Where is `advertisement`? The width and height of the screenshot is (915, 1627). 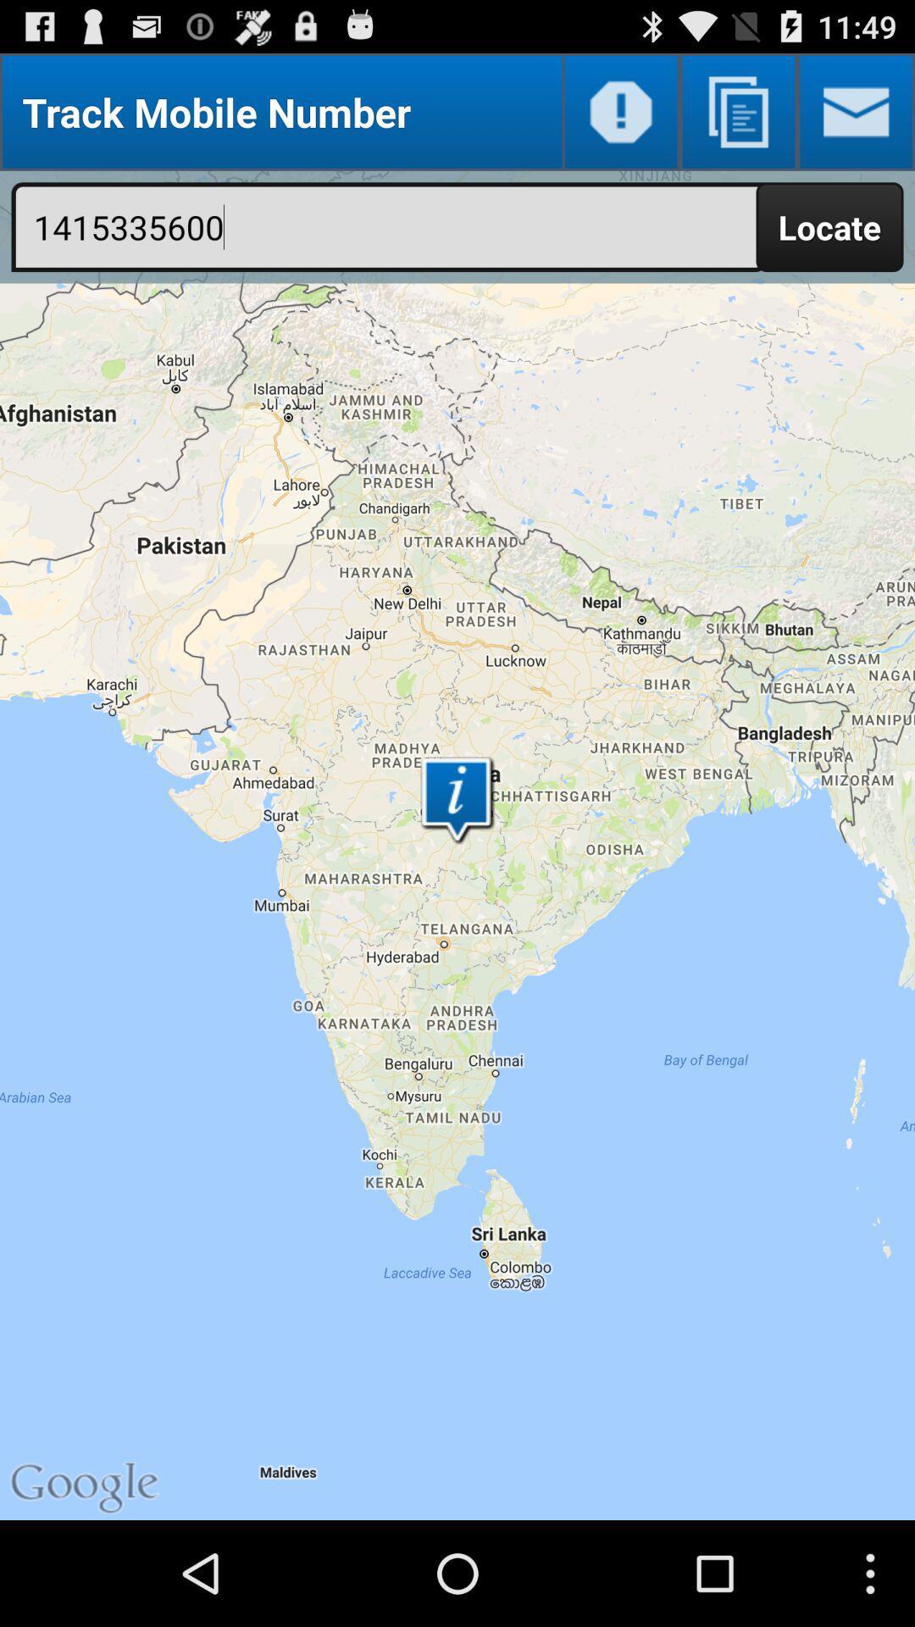 advertisement is located at coordinates (737, 111).